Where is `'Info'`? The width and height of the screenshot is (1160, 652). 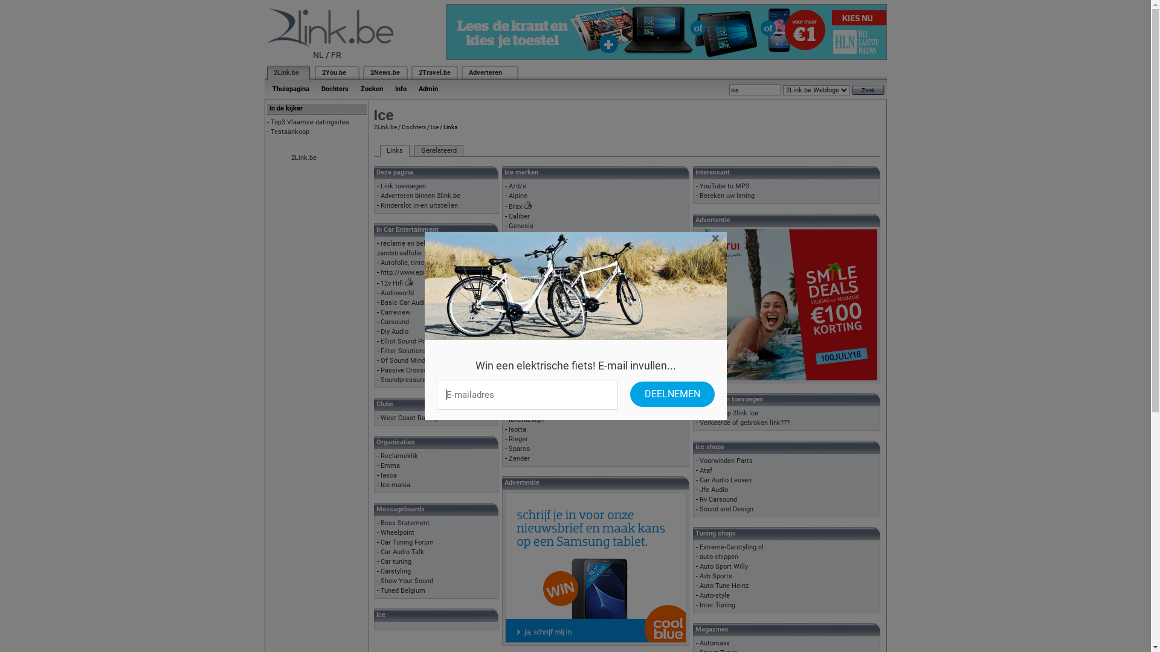
'Info' is located at coordinates (401, 88).